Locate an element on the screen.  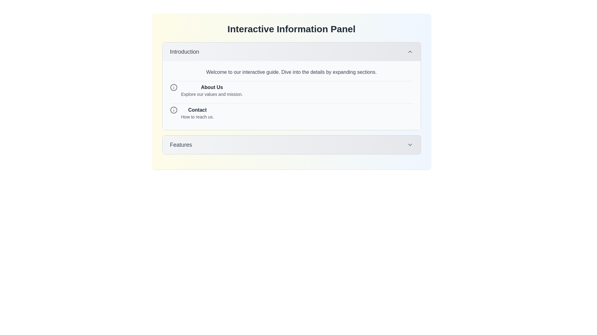
the gray outlined circular icon with a dot and vertical line inside, located next to the 'Contact' text in the 'Contact - How to reach us' section is located at coordinates (174, 109).